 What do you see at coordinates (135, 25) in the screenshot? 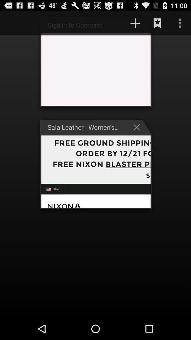
I see `the add icon` at bounding box center [135, 25].